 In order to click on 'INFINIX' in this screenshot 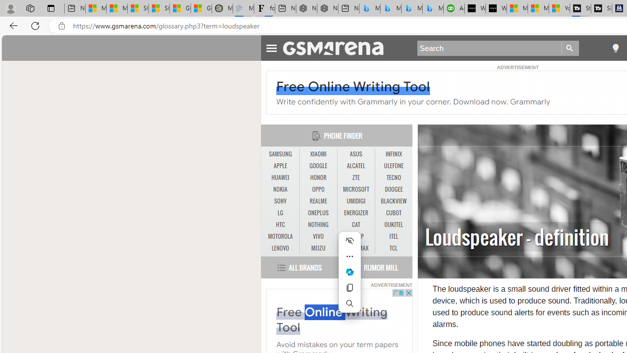, I will do `click(393, 154)`.